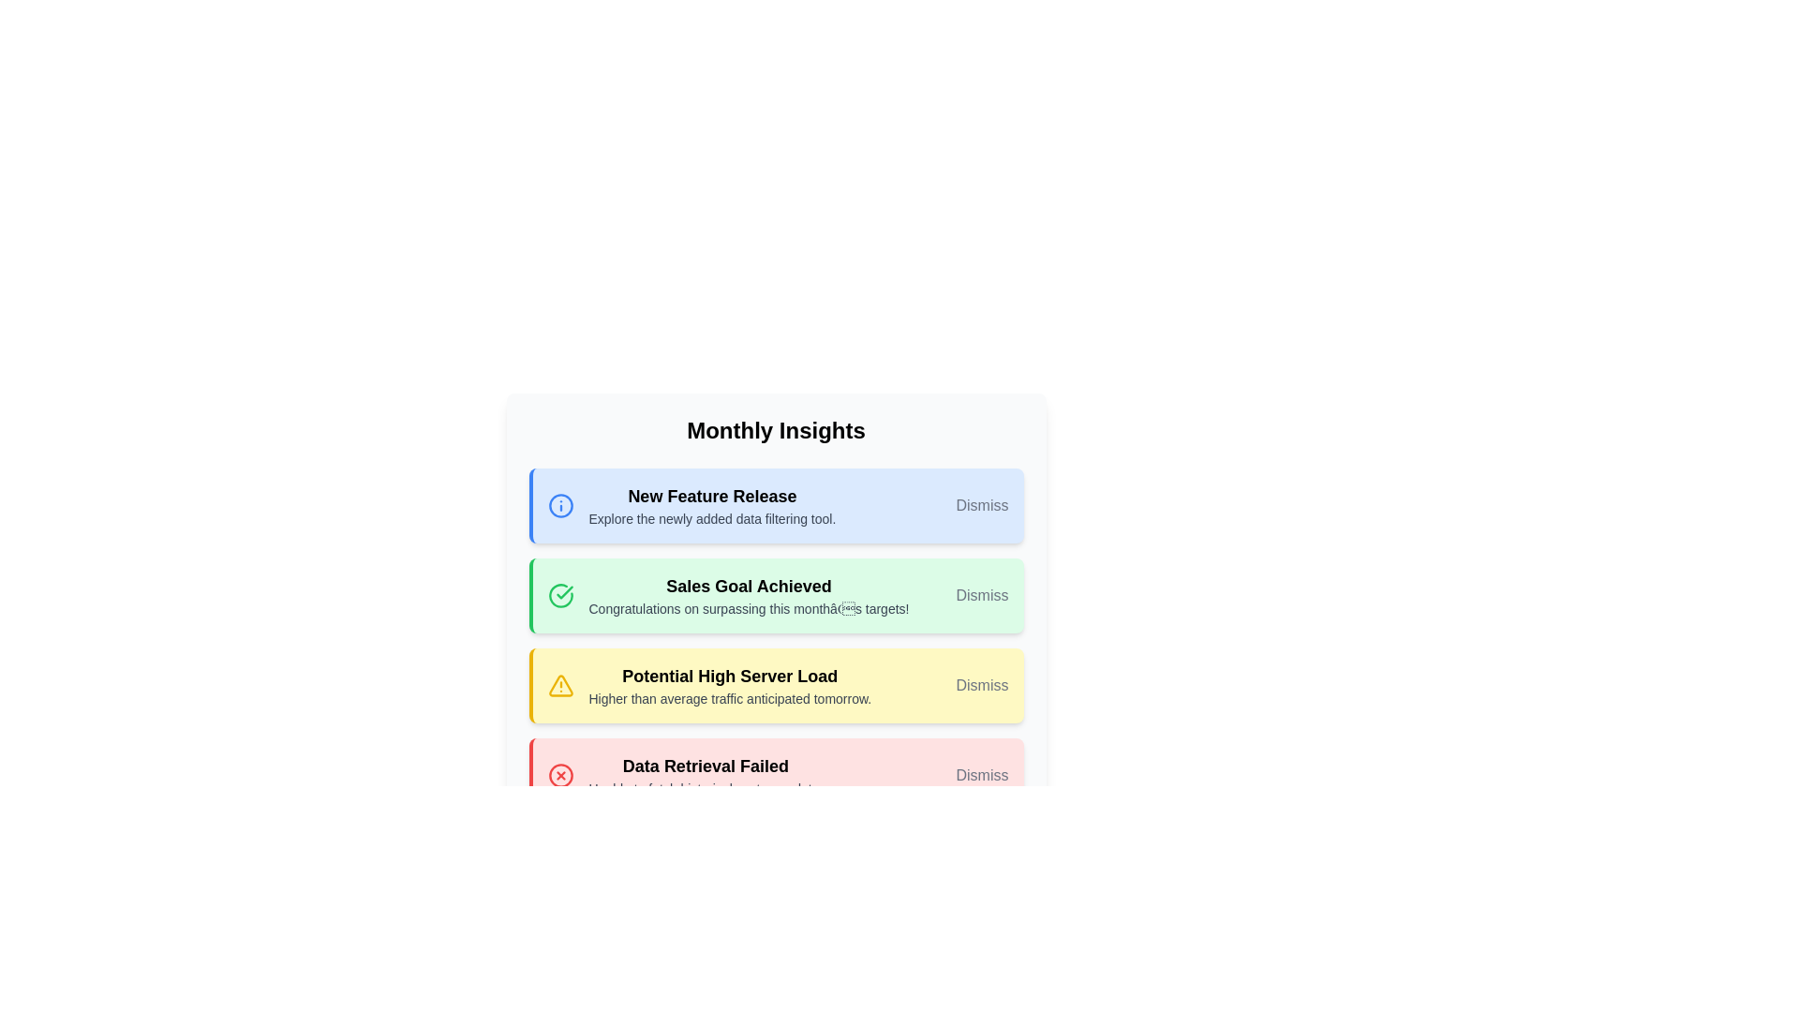  Describe the element at coordinates (559, 686) in the screenshot. I see `the Alert or Warning Icon that indicates a warning about high server load, located in the notification section titled 'Potential High Server Load' as the third item, aligned with the header text` at that location.